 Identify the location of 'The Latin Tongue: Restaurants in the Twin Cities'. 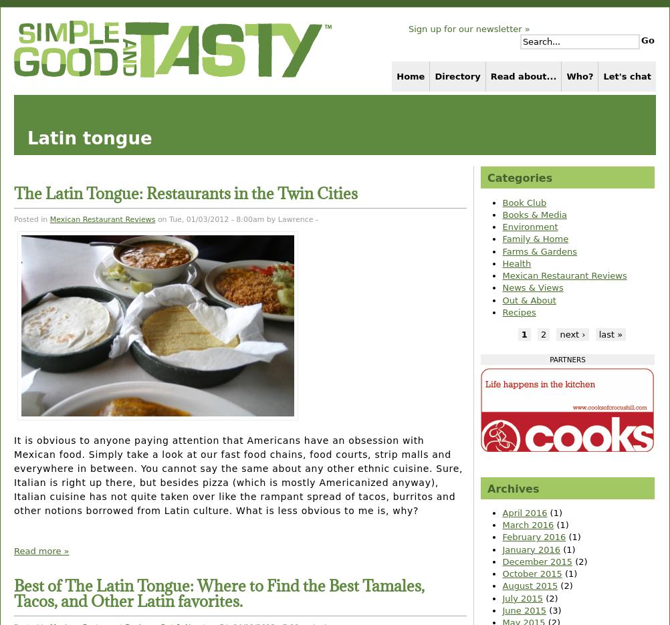
(14, 191).